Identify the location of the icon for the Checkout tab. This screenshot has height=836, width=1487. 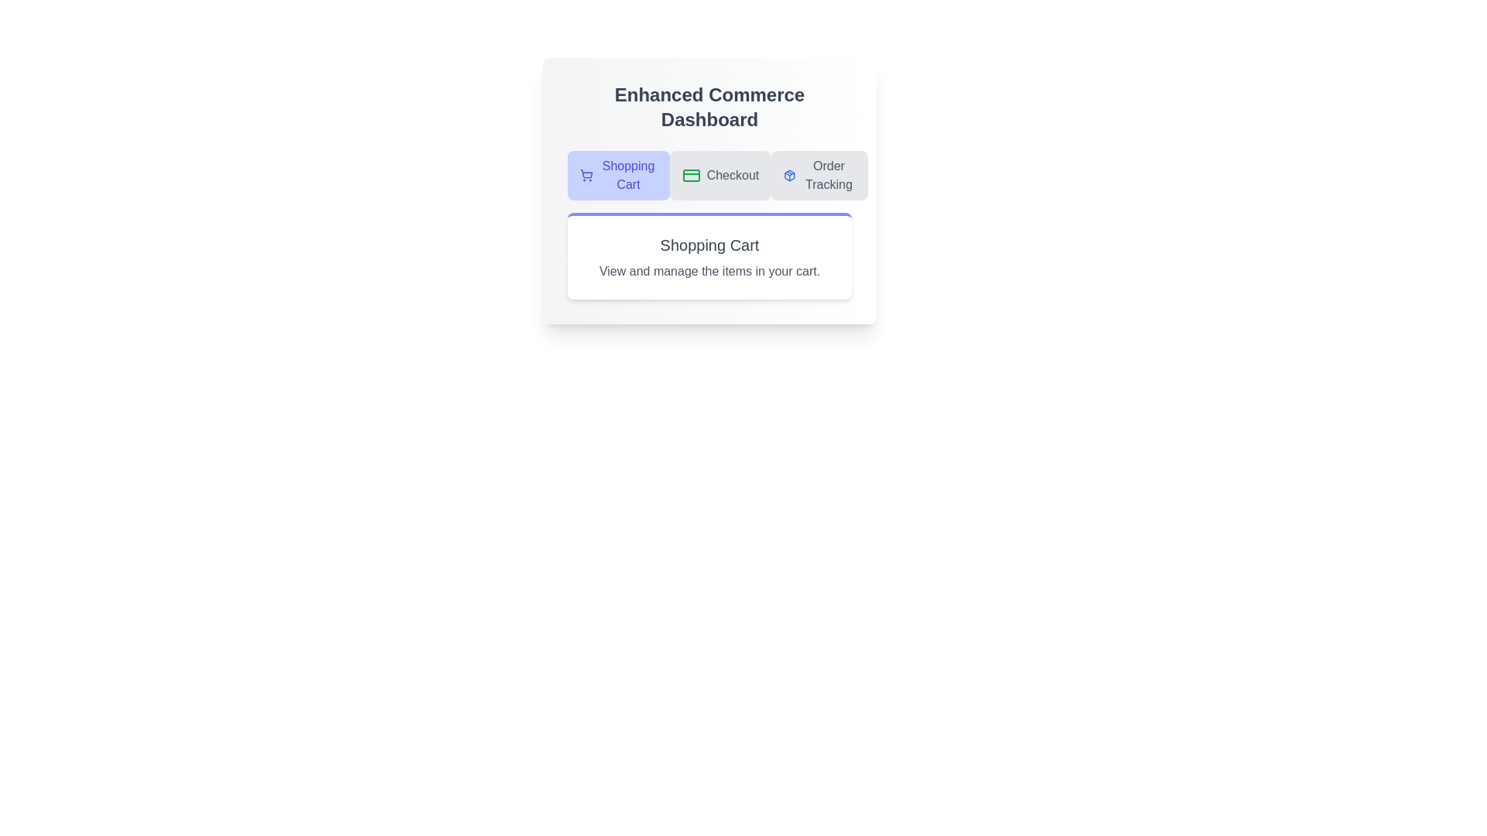
(690, 175).